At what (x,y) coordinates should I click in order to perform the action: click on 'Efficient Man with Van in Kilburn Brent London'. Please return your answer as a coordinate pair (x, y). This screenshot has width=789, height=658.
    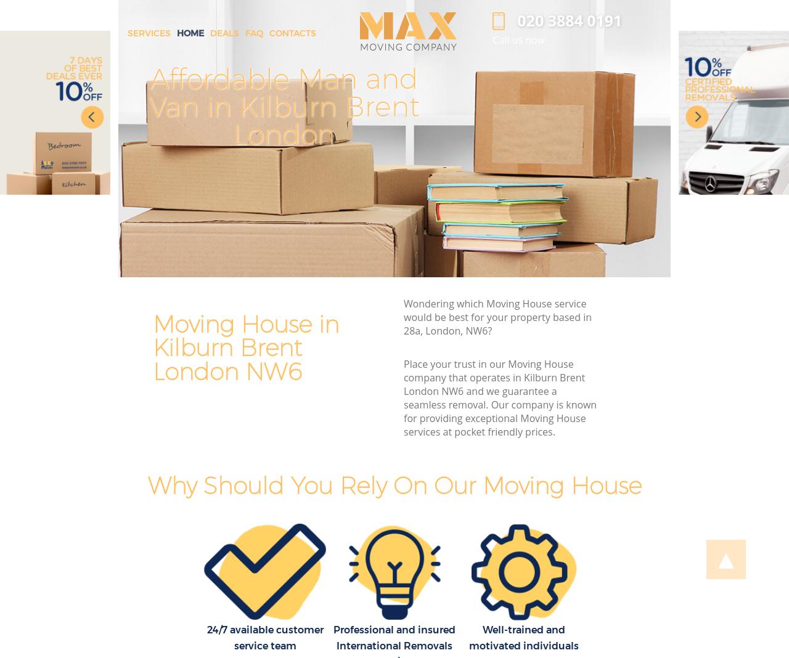
    Looking at the image, I should click on (615, 106).